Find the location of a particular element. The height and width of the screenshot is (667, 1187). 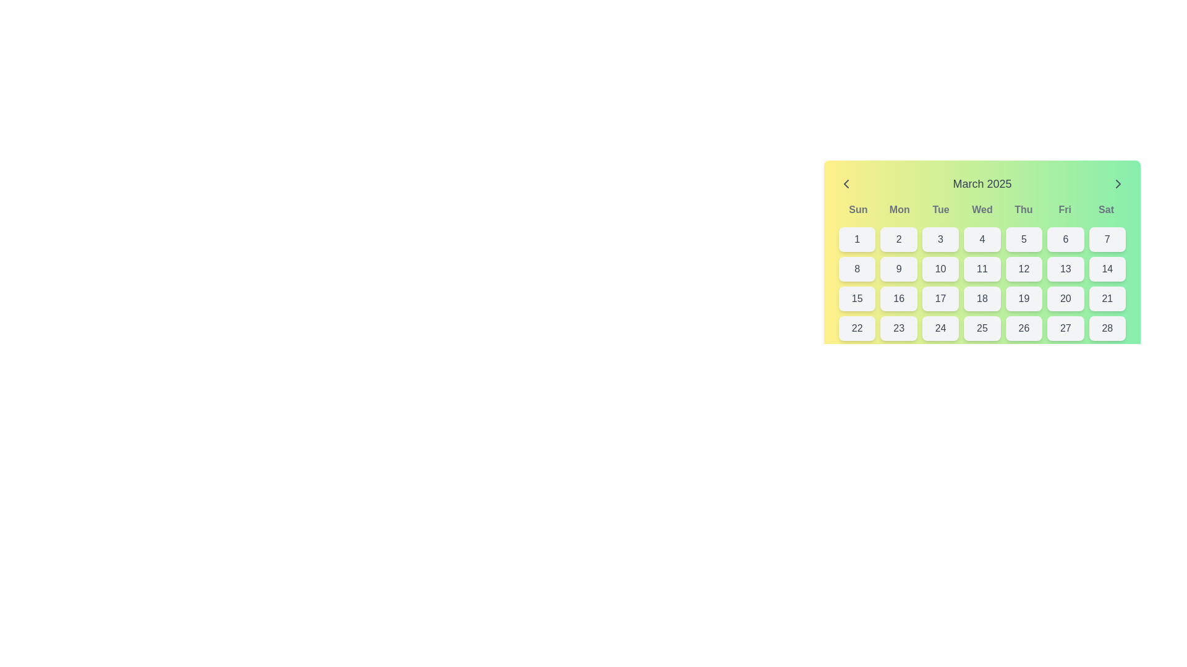

the button representing the first day of the month in the calendar interface is located at coordinates (856, 240).